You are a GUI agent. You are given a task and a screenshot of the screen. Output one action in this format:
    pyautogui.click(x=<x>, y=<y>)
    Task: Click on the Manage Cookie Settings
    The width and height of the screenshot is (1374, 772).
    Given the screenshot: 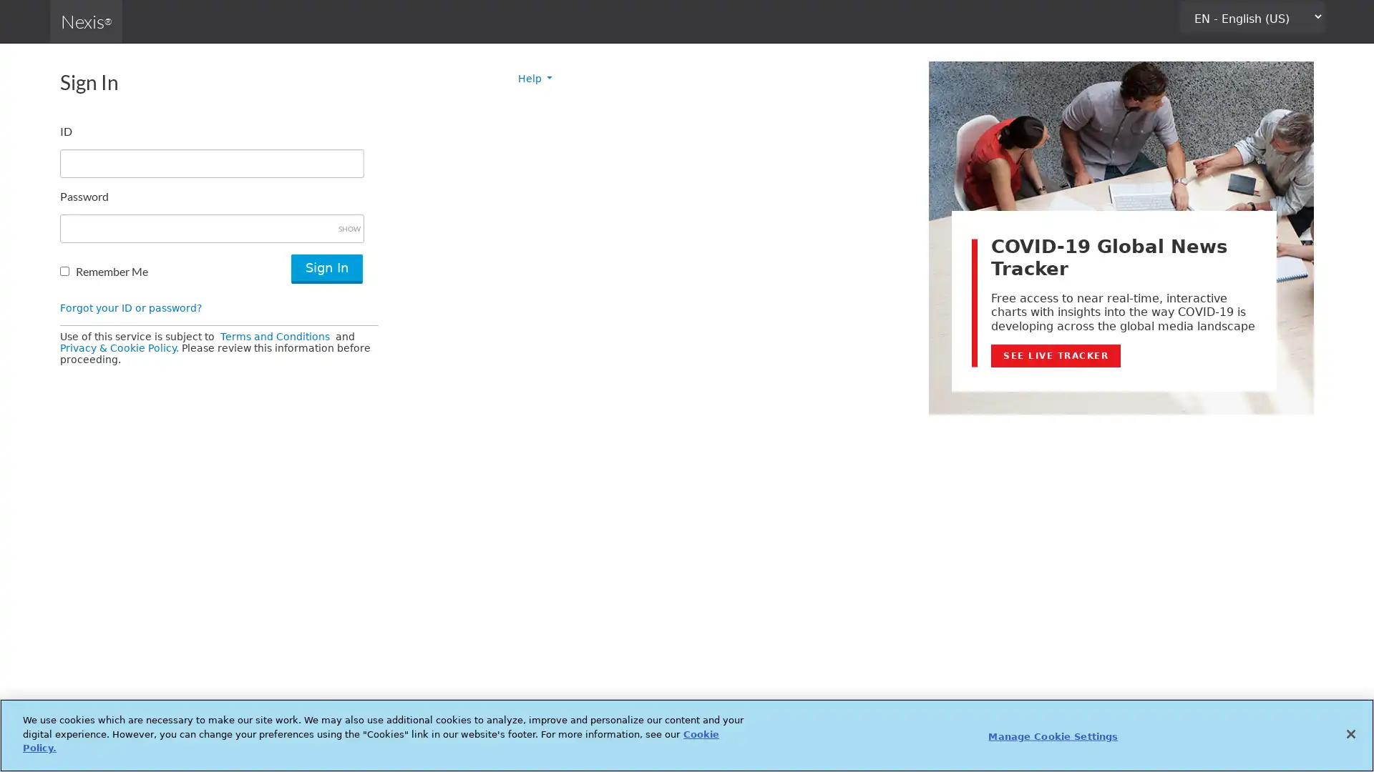 What is the action you would take?
    pyautogui.click(x=1053, y=736)
    